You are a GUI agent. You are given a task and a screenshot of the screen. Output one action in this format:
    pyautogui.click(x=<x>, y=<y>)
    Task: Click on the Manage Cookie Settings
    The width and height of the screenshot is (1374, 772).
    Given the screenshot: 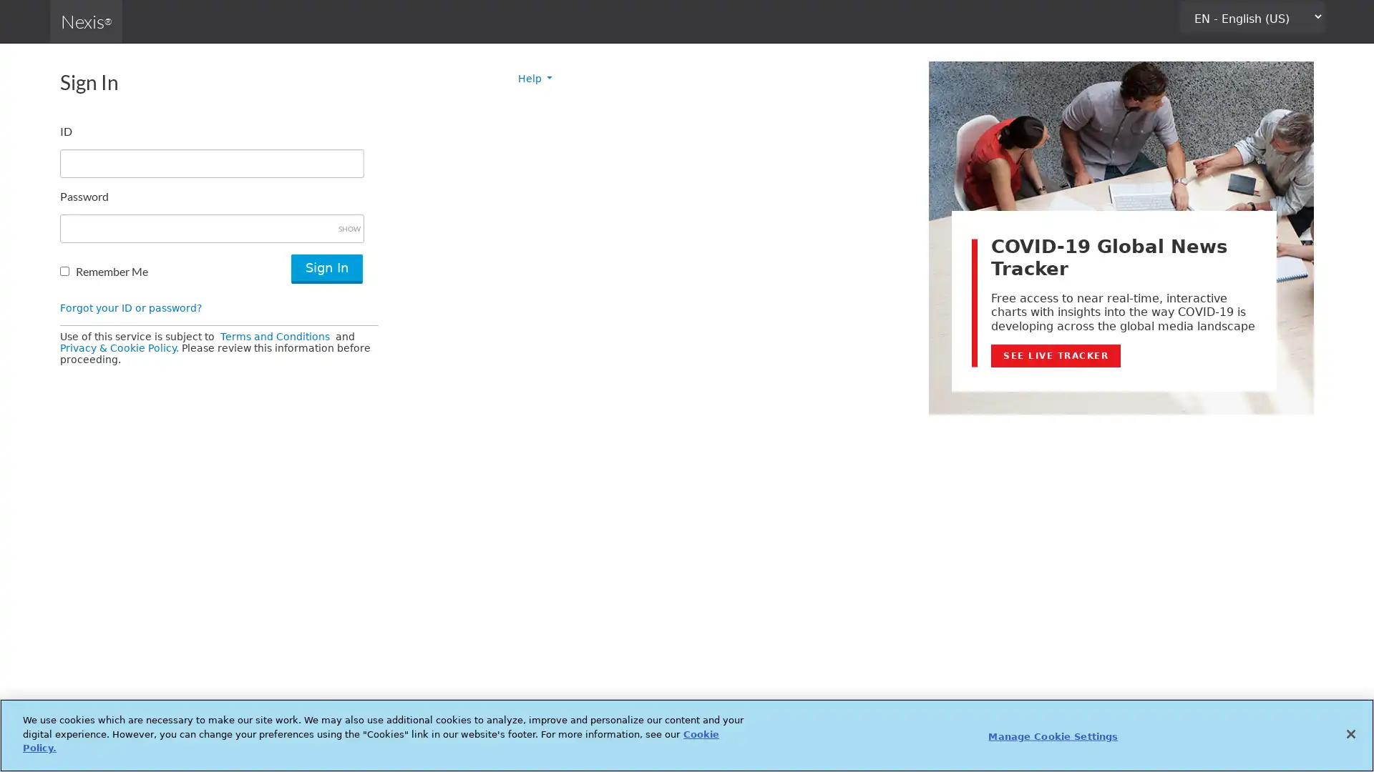 What is the action you would take?
    pyautogui.click(x=1053, y=736)
    